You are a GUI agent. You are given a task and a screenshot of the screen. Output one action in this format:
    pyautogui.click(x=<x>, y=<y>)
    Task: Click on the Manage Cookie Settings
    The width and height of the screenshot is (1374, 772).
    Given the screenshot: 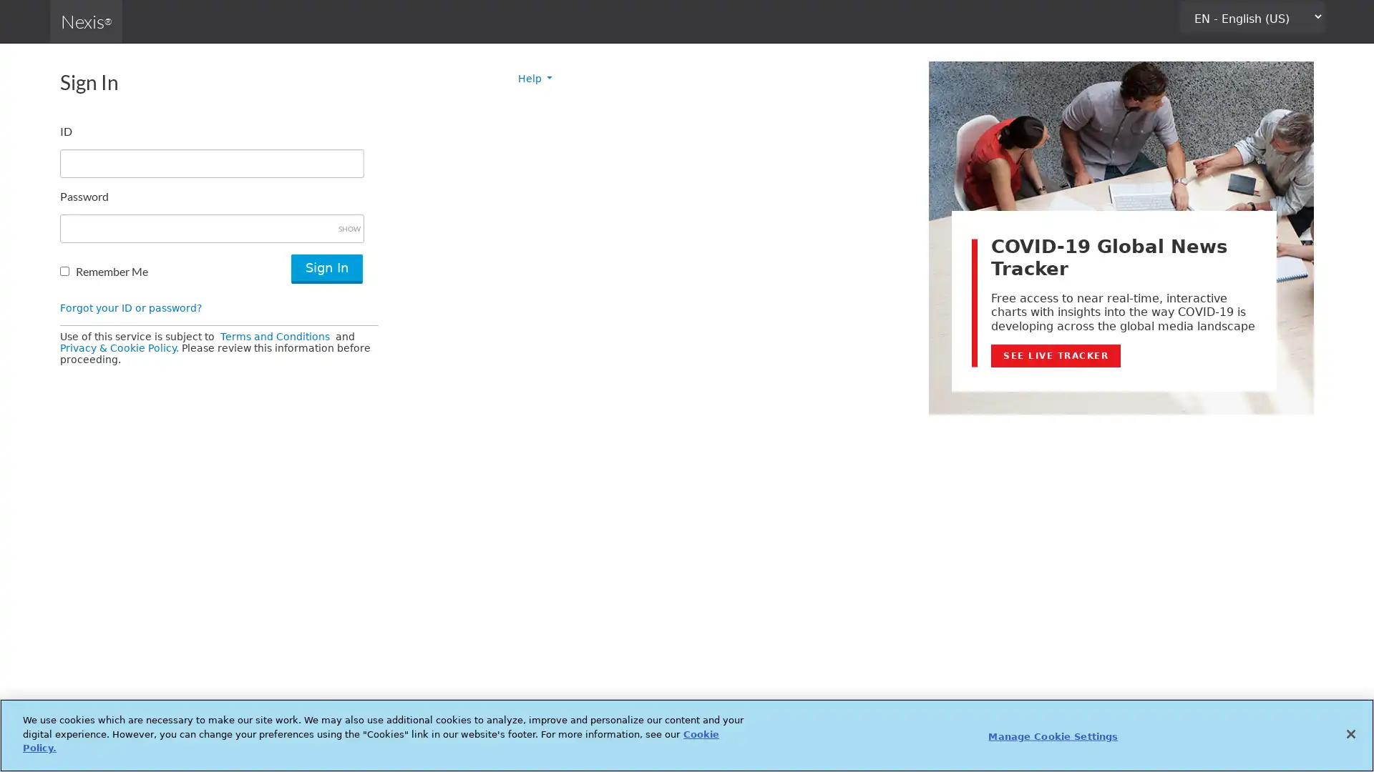 What is the action you would take?
    pyautogui.click(x=1053, y=736)
    